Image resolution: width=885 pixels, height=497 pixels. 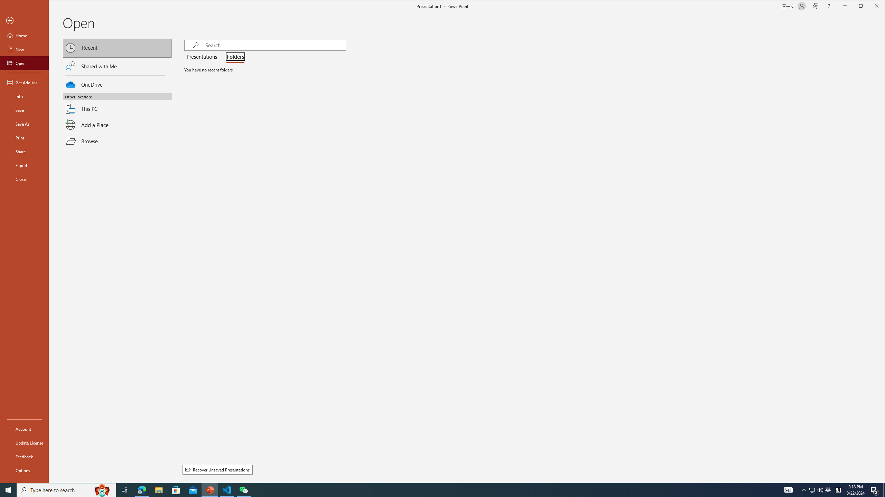 I want to click on 'Add a Place', so click(x=117, y=125).